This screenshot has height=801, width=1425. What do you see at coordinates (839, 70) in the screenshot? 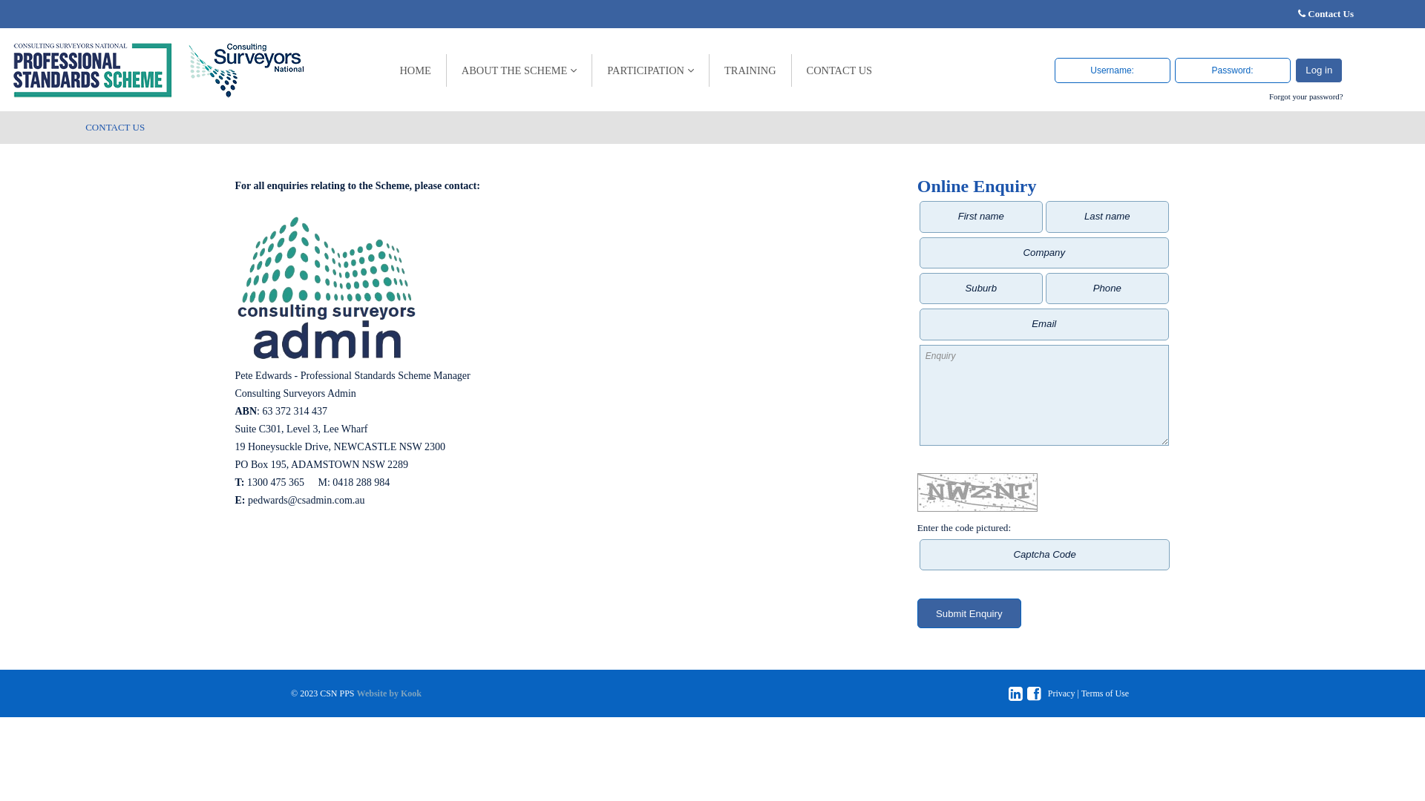
I see `'CONTACT US'` at bounding box center [839, 70].